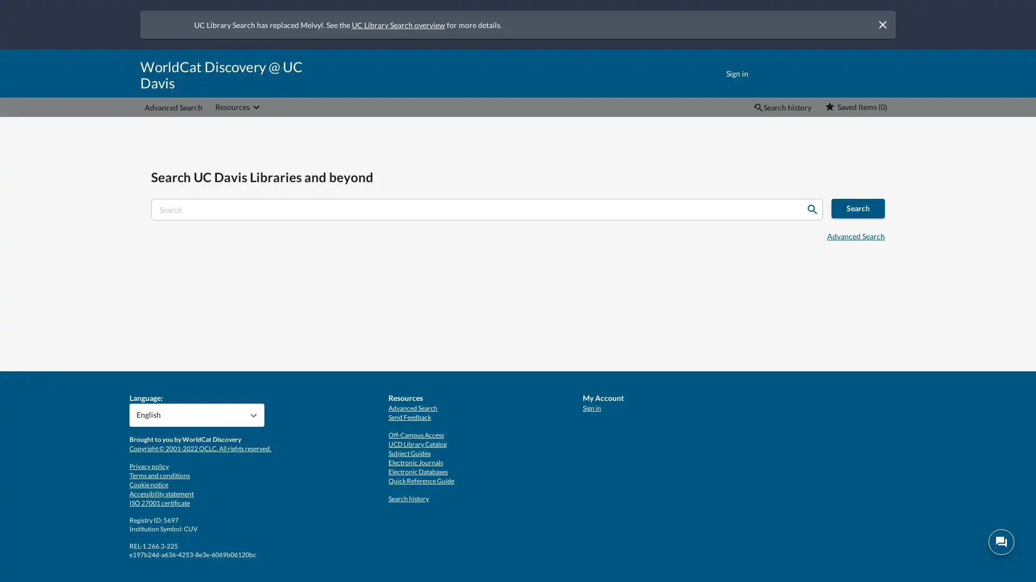 The image size is (1036, 582). Describe the element at coordinates (812, 210) in the screenshot. I see `Search` at that location.